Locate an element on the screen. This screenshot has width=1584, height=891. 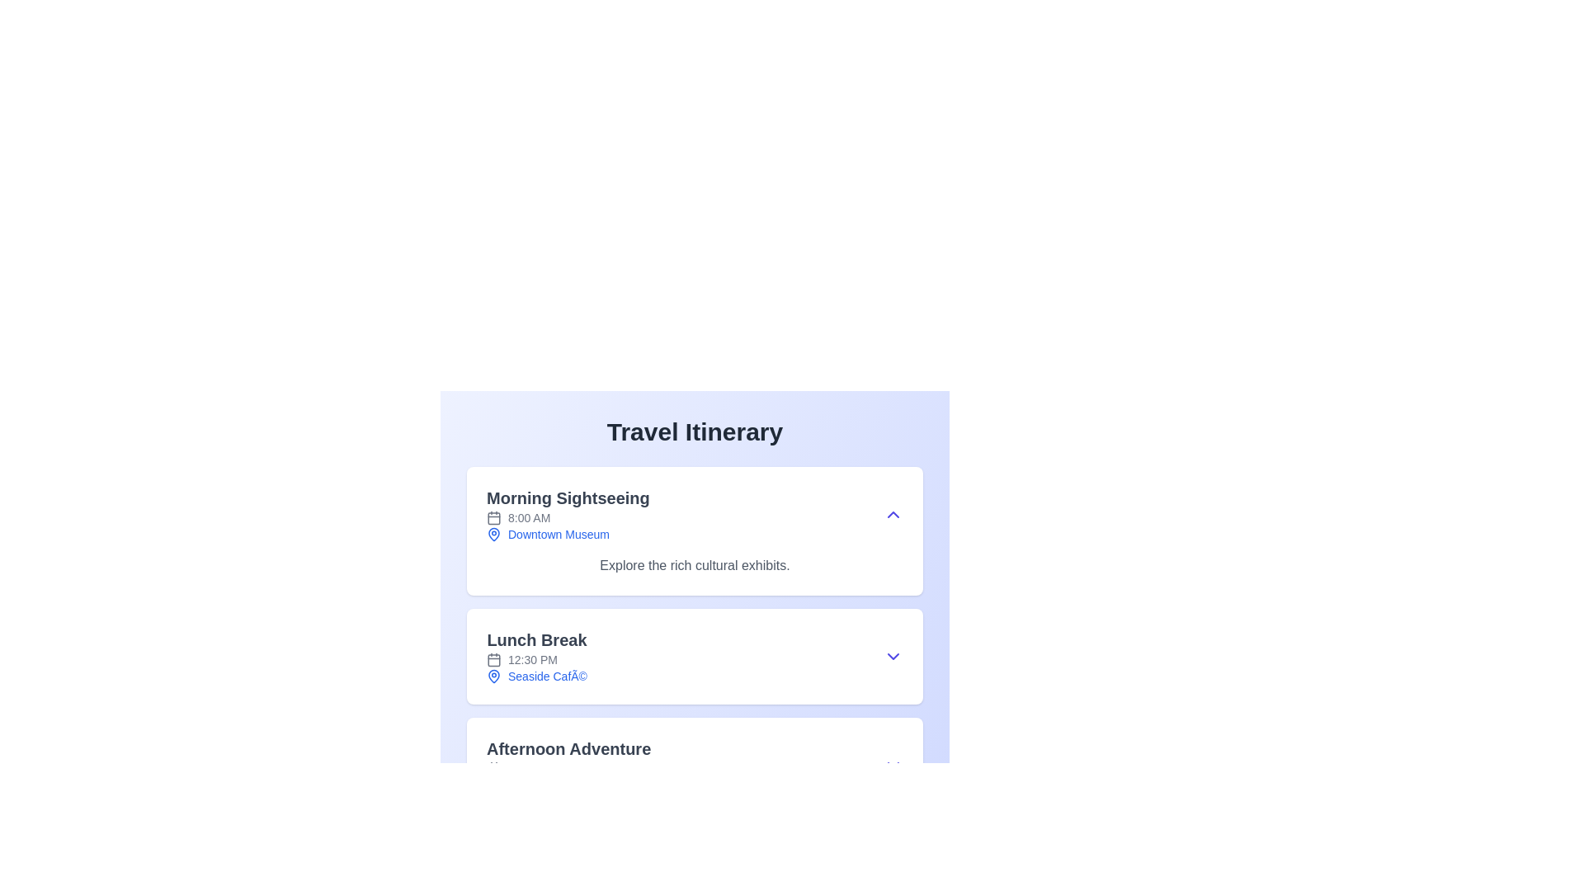
the static text label or header for the 'Lunch Break' section, which serves as a title for this activity and is positioned at the top of the block is located at coordinates (536, 639).